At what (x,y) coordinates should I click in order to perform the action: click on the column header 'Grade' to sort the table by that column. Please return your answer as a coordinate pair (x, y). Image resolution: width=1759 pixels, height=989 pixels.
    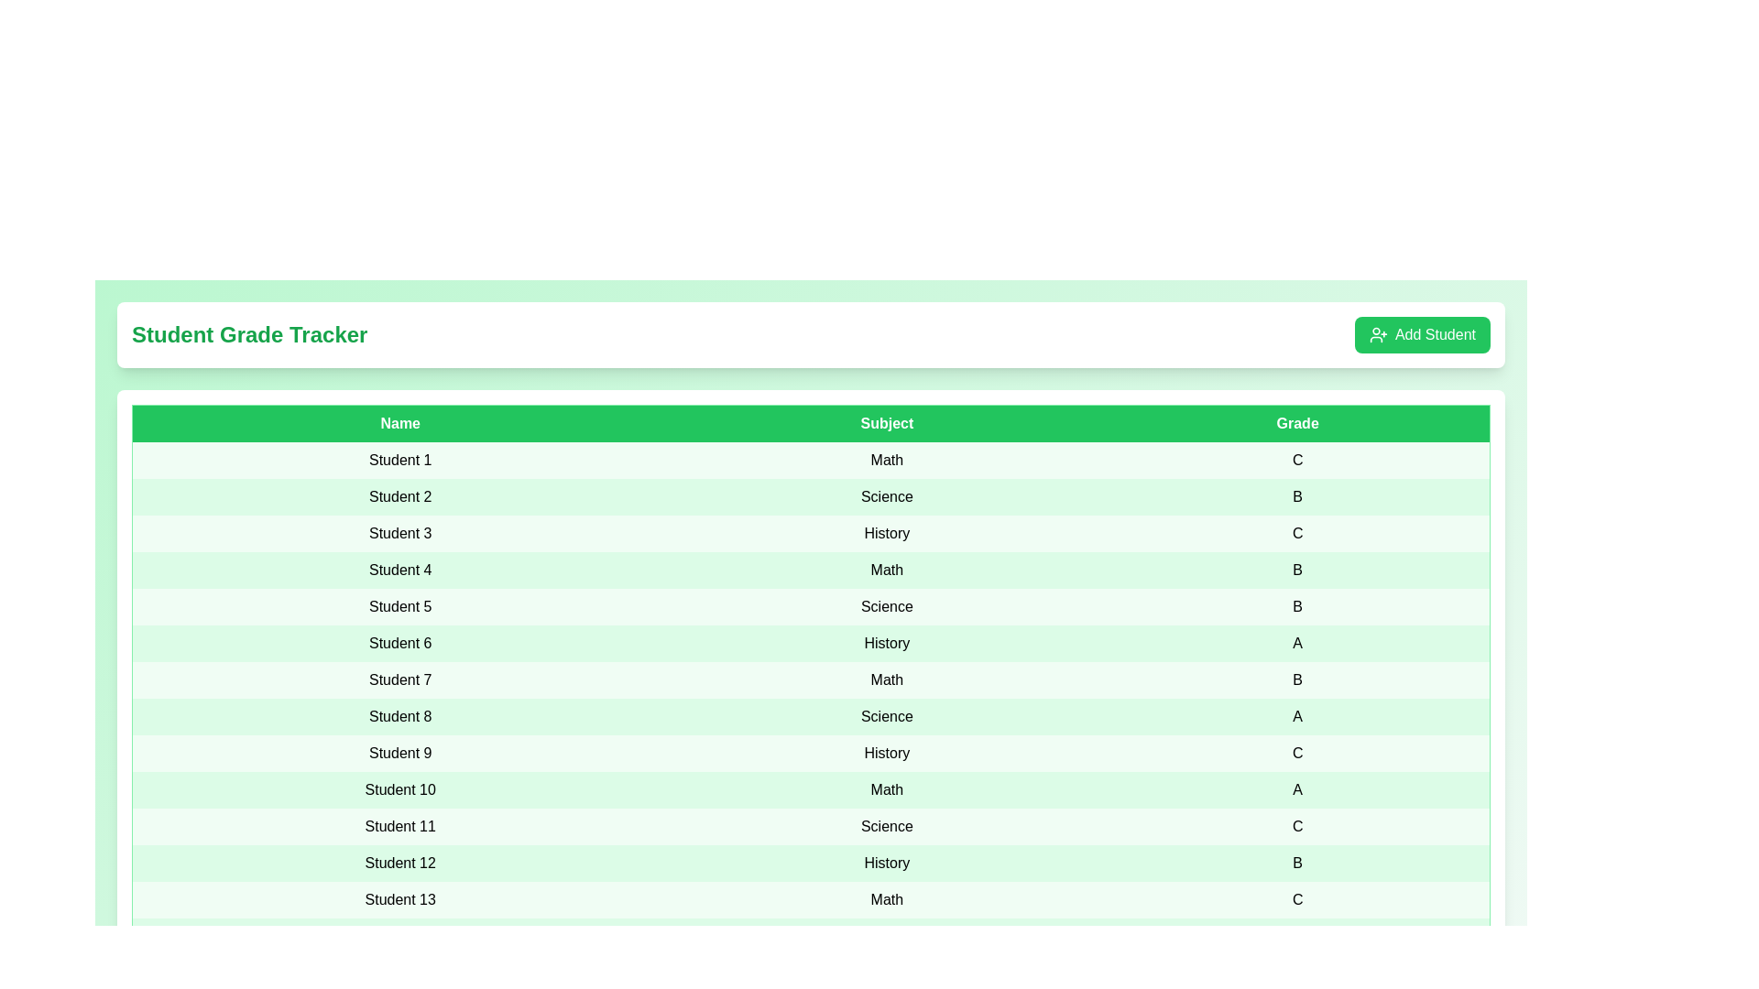
    Looking at the image, I should click on (1296, 423).